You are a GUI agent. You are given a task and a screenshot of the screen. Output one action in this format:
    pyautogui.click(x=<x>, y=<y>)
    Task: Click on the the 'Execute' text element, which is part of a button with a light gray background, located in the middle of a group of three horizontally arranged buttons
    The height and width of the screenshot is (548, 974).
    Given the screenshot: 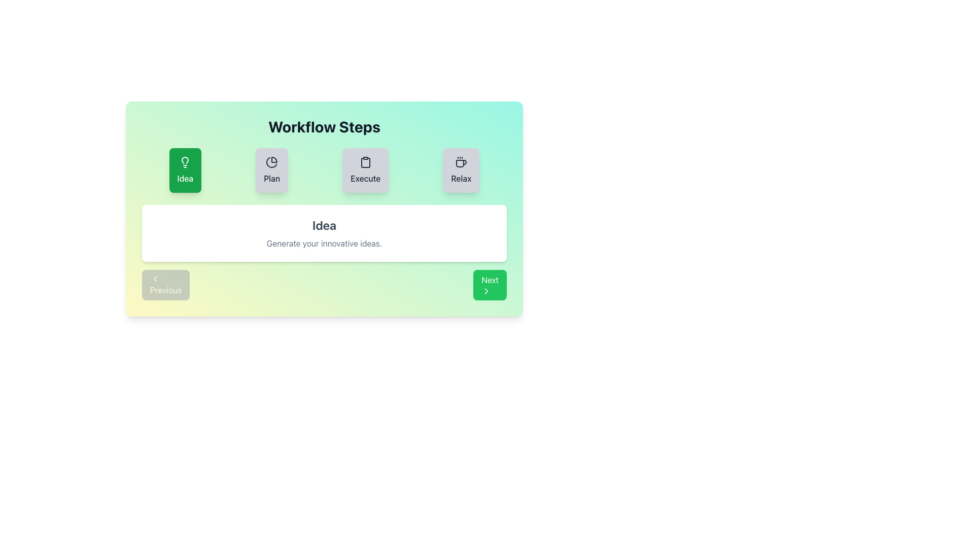 What is the action you would take?
    pyautogui.click(x=365, y=178)
    